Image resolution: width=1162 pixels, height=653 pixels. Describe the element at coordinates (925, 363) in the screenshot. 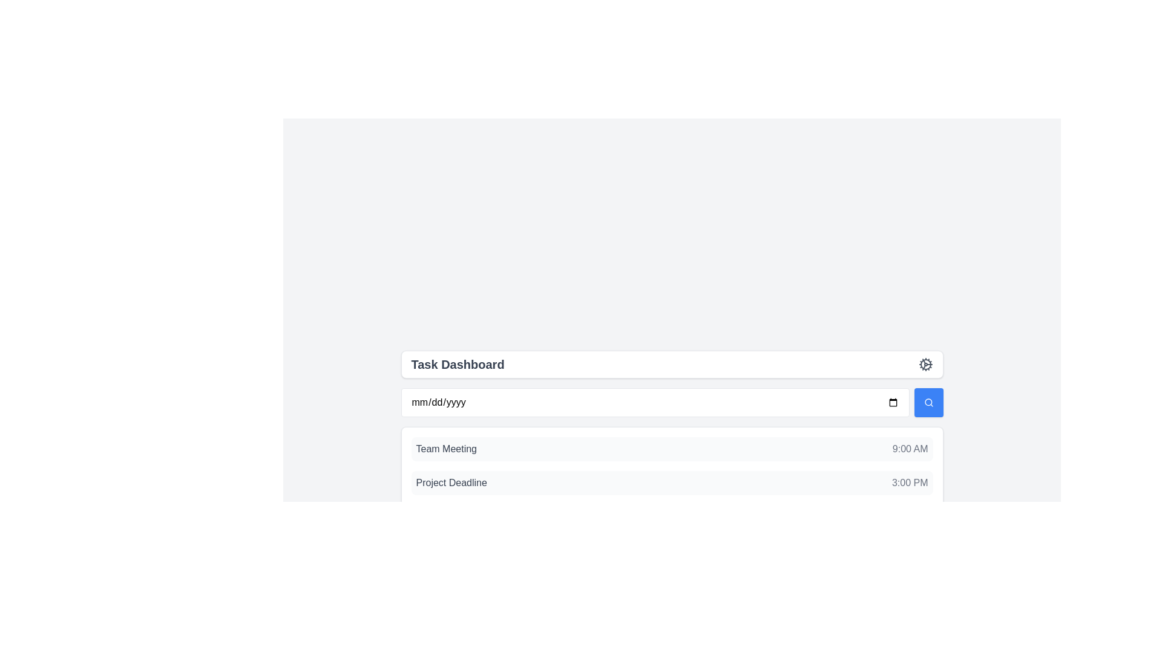

I see `the cogwheel icon located at the top-right corner of the 'Task Dashboard'` at that location.